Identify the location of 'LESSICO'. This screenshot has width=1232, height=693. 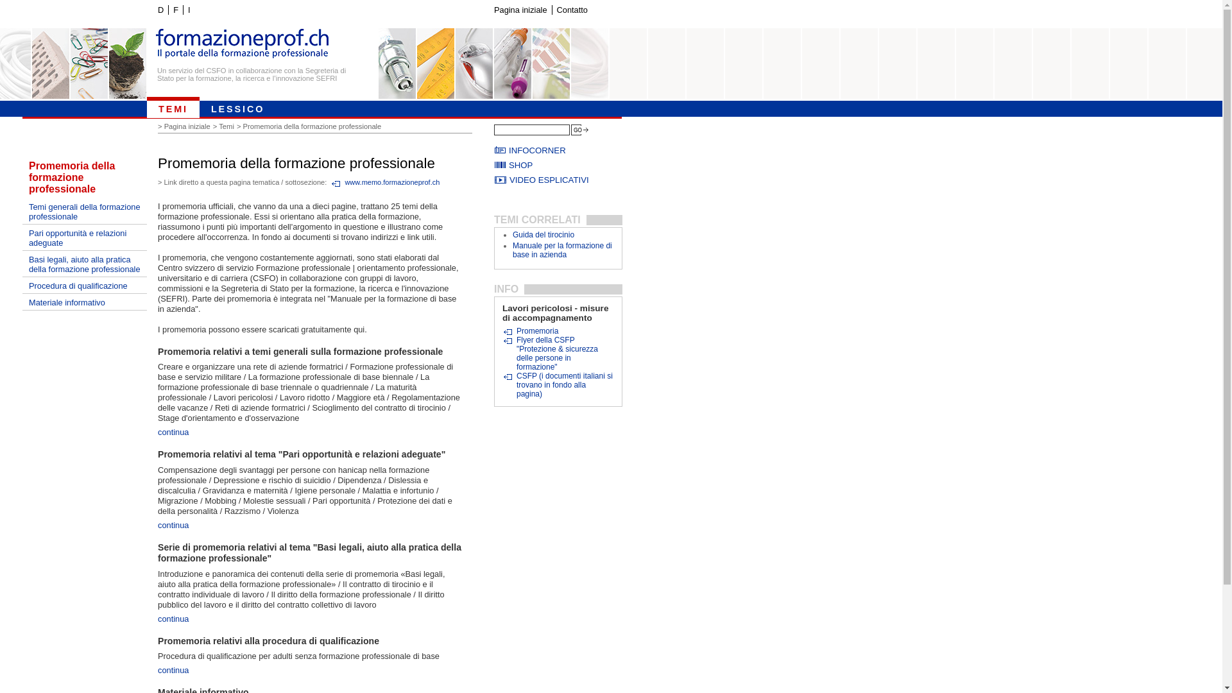
(199, 107).